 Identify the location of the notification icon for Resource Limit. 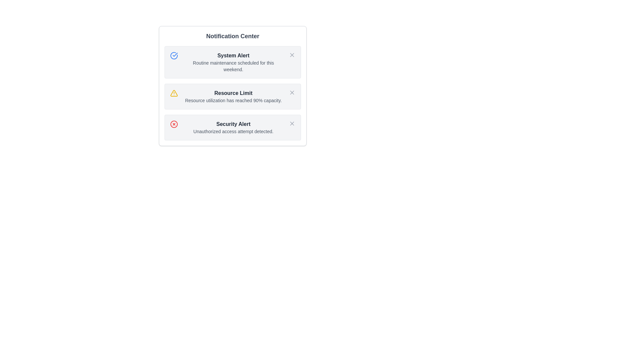
(174, 93).